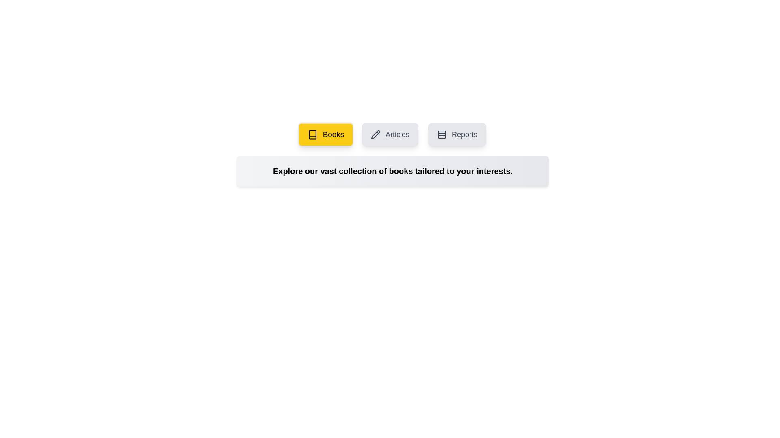  Describe the element at coordinates (333, 134) in the screenshot. I see `the 'Books' text label in the navigation bar, which indicates its purpose for navigation related to books` at that location.